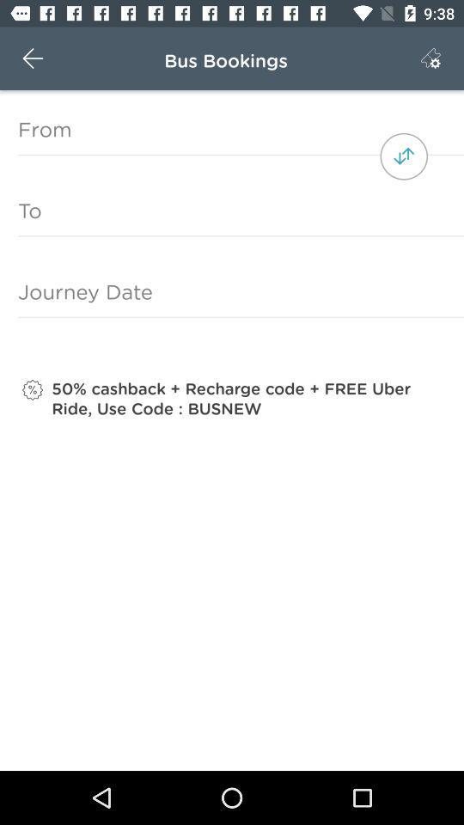  Describe the element at coordinates (33, 58) in the screenshot. I see `the icon next to the bus bookings item` at that location.